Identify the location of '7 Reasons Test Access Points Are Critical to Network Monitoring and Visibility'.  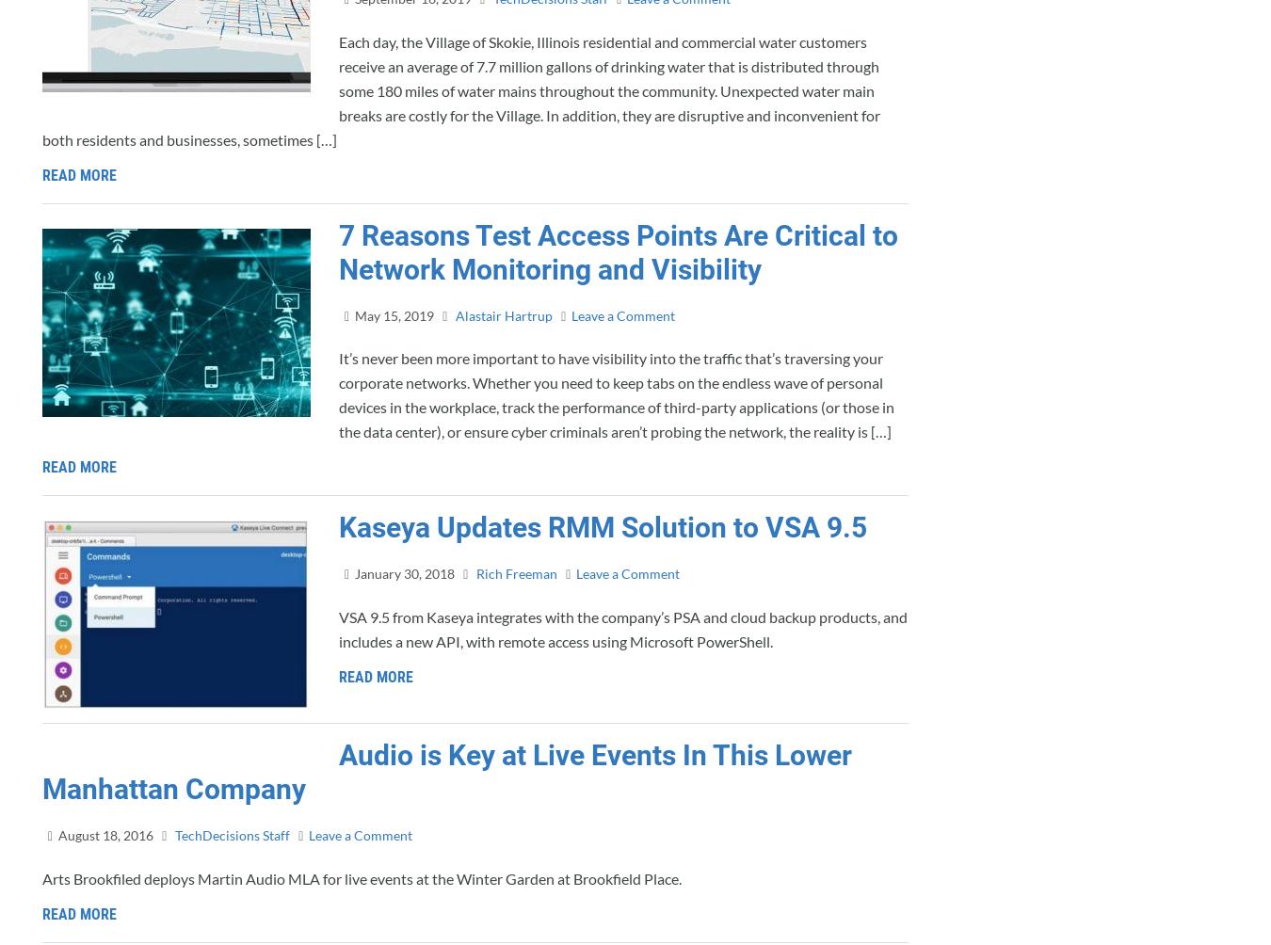
(619, 251).